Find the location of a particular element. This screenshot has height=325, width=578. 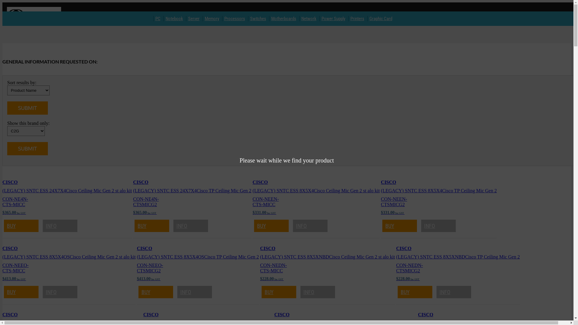

'$365.00 Inc GST ' is located at coordinates (14, 212).